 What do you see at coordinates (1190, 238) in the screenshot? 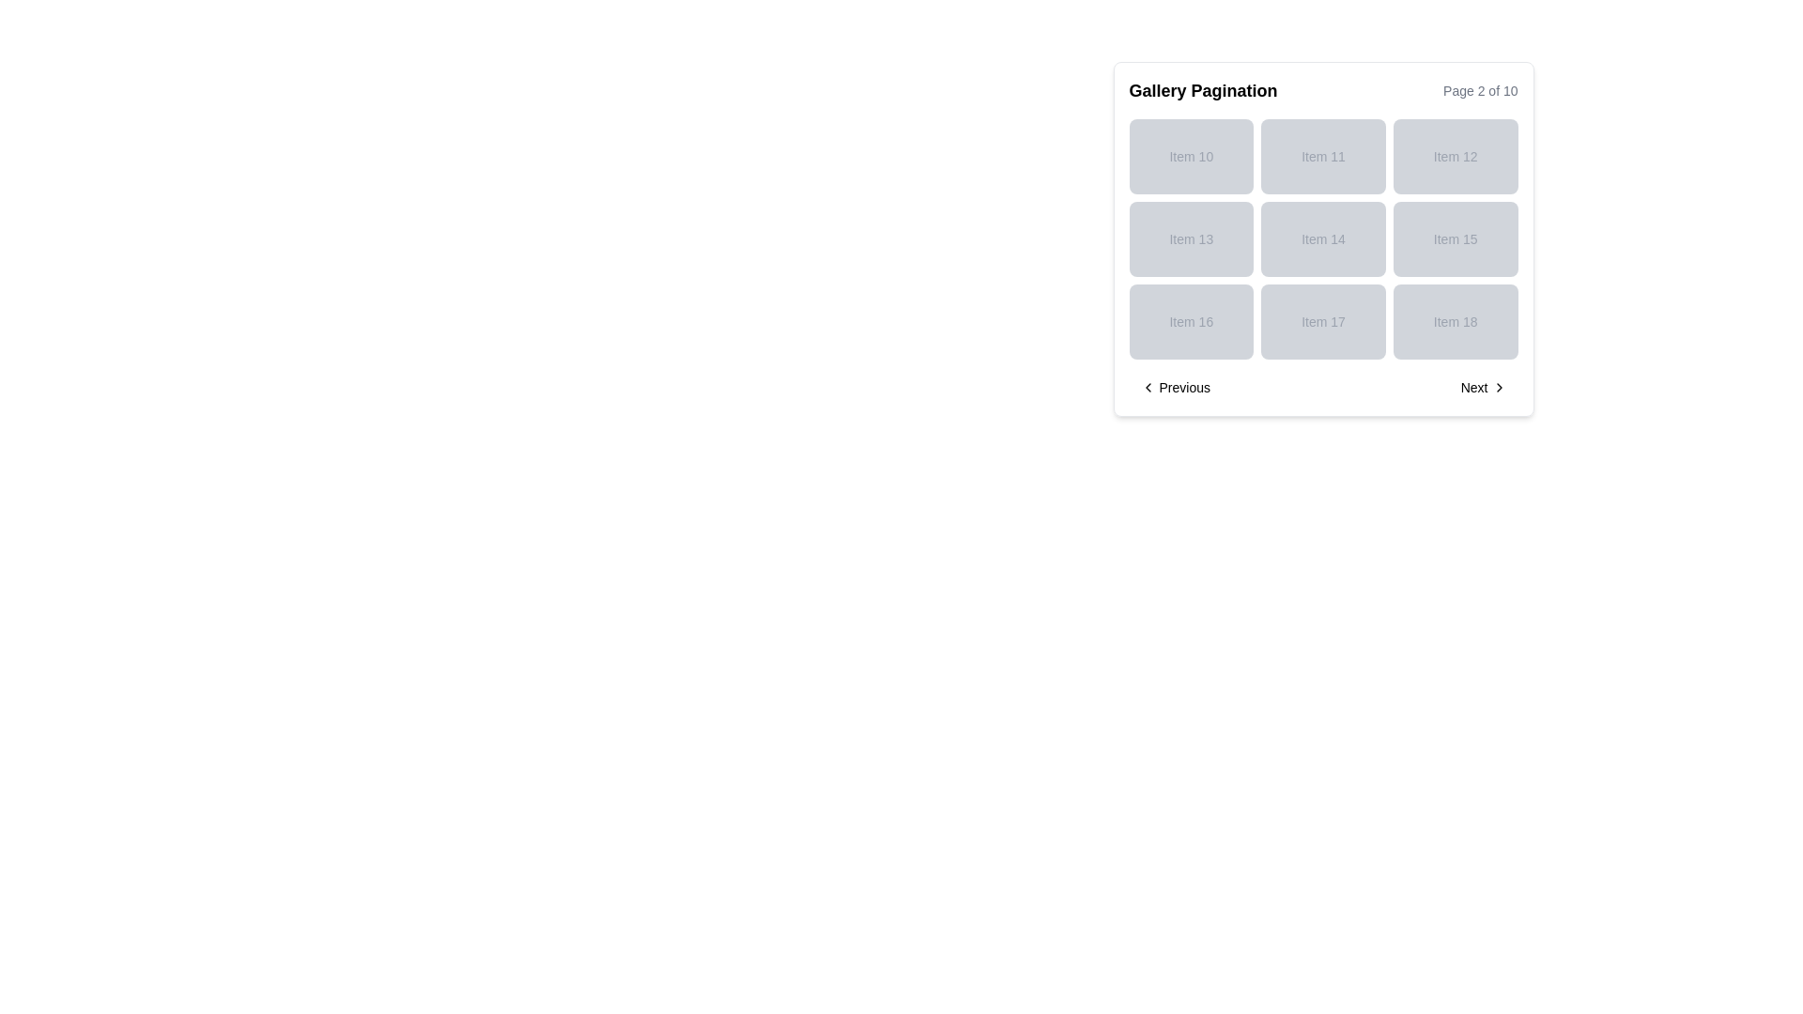
I see `the grid tile element representing 'Item 13'` at bounding box center [1190, 238].